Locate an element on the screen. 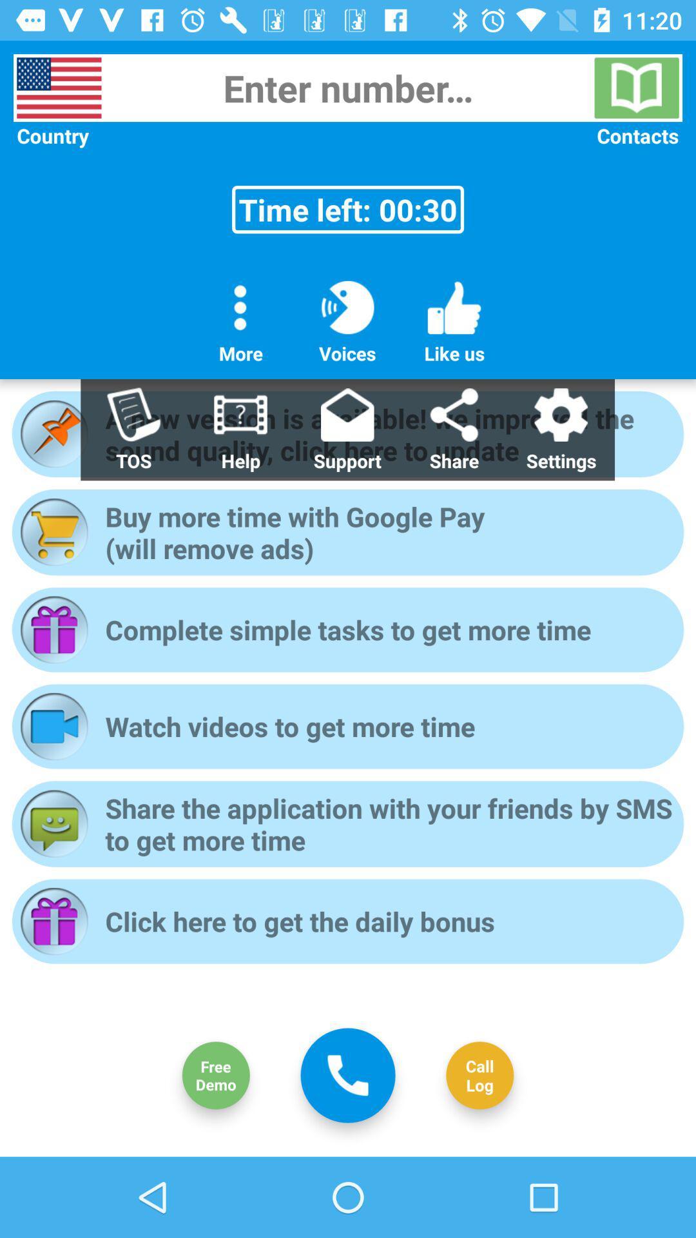 The height and width of the screenshot is (1238, 696). the national_flag icon is located at coordinates (59, 87).